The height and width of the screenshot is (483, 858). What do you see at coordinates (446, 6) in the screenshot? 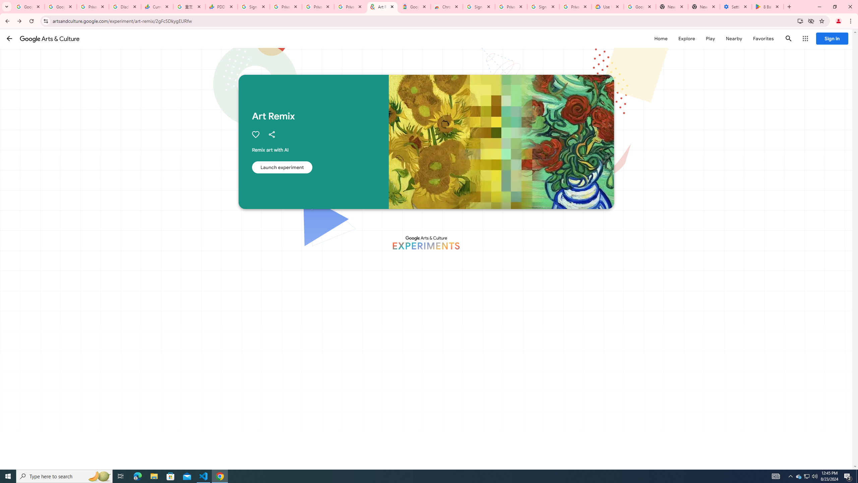
I see `'Chrome Web Store - Color themes by Chrome'` at bounding box center [446, 6].